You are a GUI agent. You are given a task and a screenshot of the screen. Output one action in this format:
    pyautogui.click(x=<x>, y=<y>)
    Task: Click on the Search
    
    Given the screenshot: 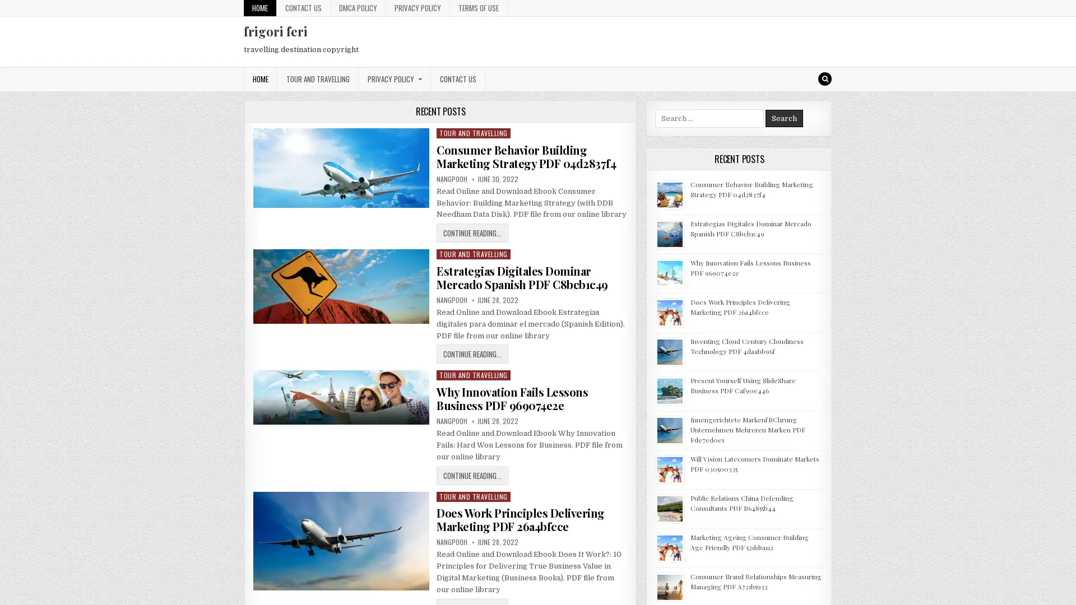 What is the action you would take?
    pyautogui.click(x=783, y=118)
    